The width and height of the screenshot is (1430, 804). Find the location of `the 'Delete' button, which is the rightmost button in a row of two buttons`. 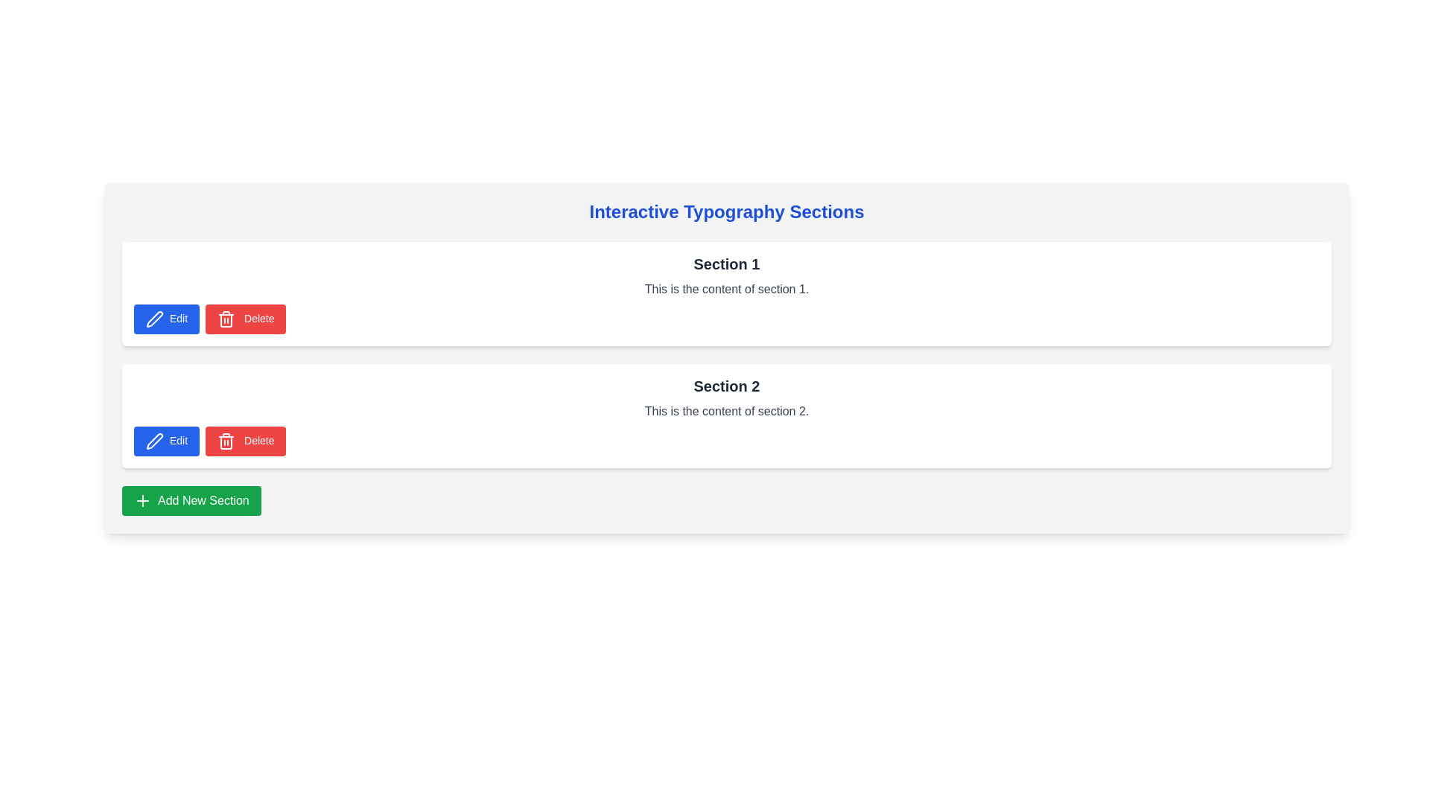

the 'Delete' button, which is the rightmost button in a row of two buttons is located at coordinates (246, 441).